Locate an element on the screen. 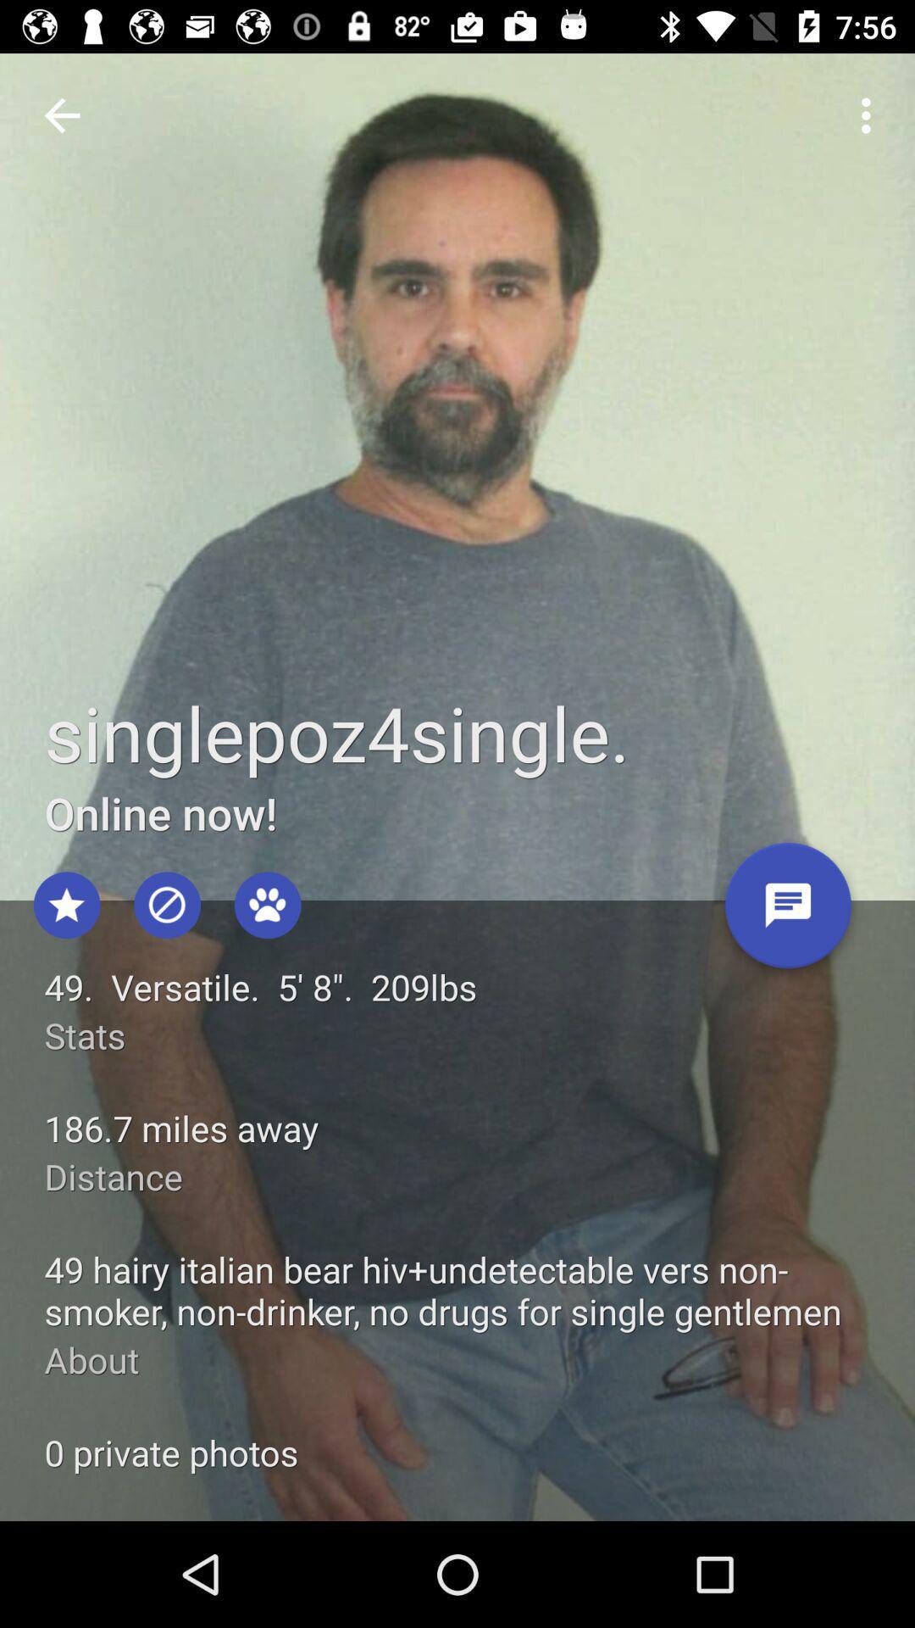 This screenshot has height=1628, width=915. the explore icon is located at coordinates (167, 904).